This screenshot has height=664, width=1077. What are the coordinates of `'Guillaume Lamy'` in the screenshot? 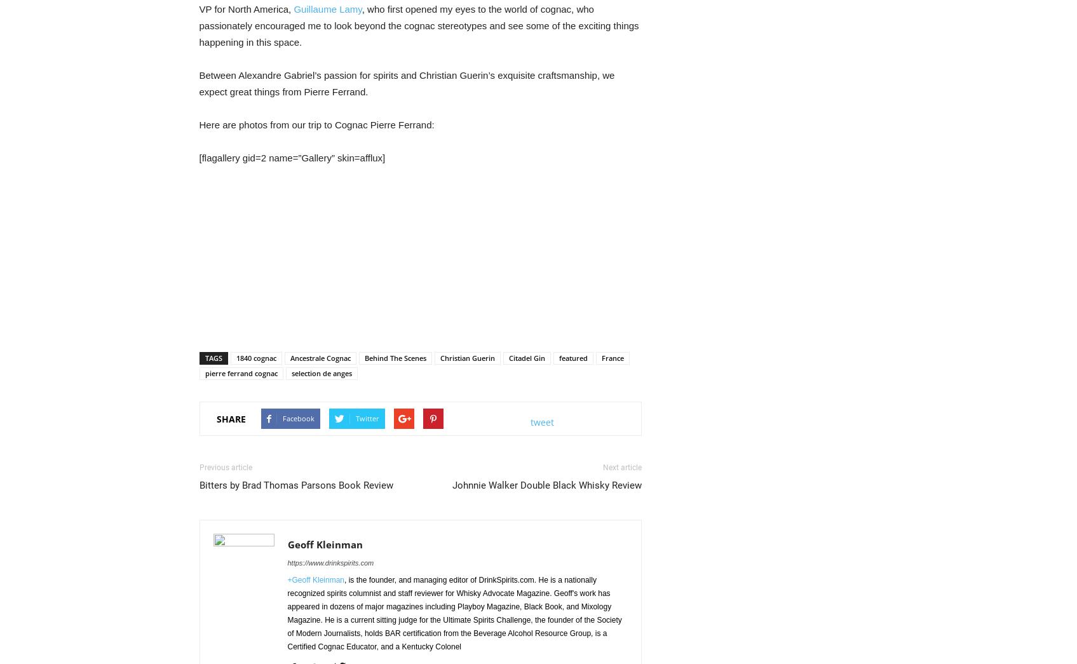 It's located at (293, 8).